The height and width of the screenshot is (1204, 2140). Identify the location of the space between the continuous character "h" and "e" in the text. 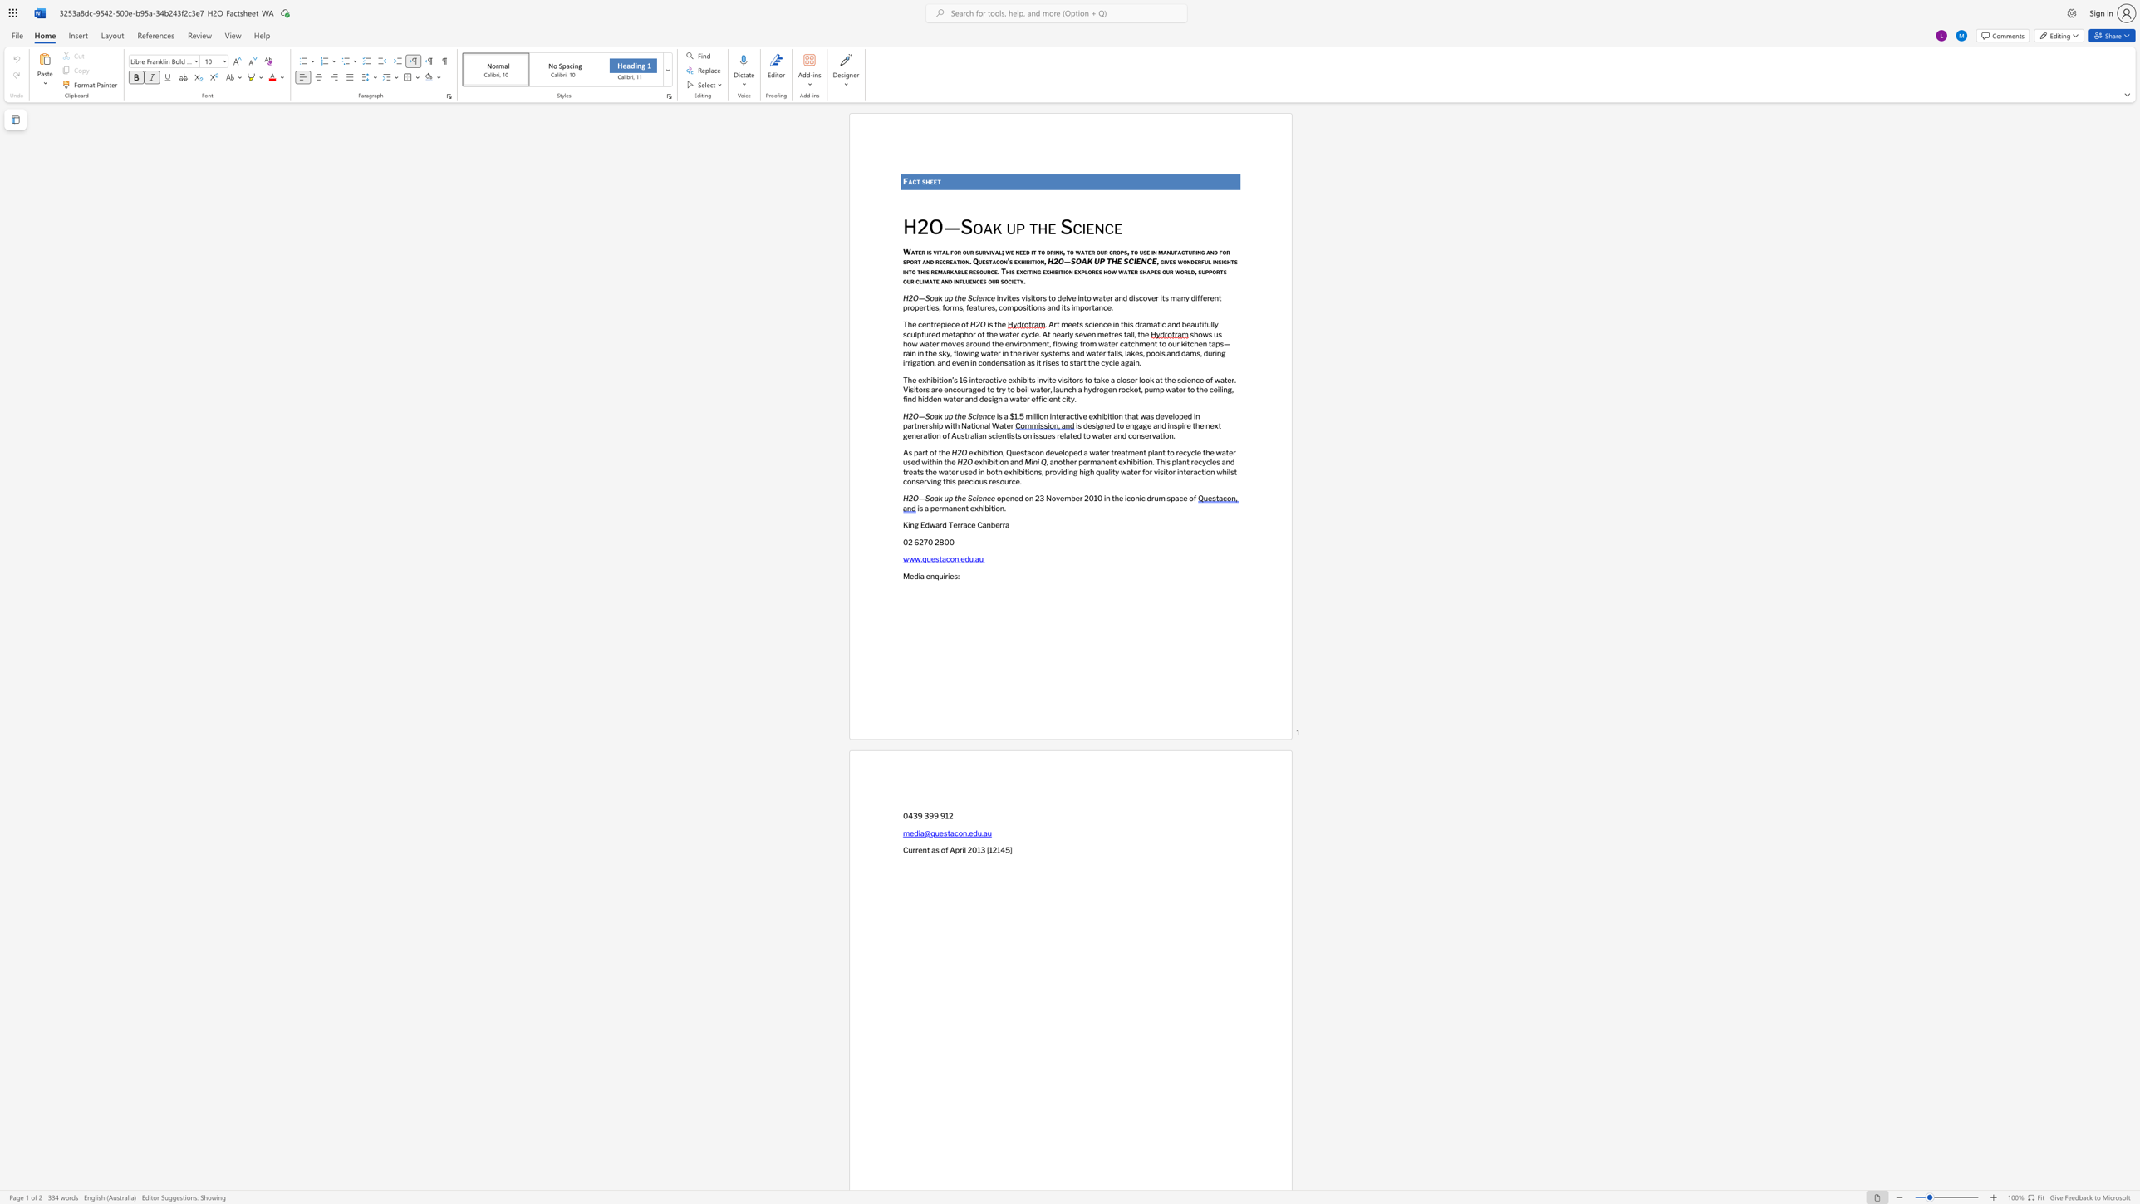
(930, 181).